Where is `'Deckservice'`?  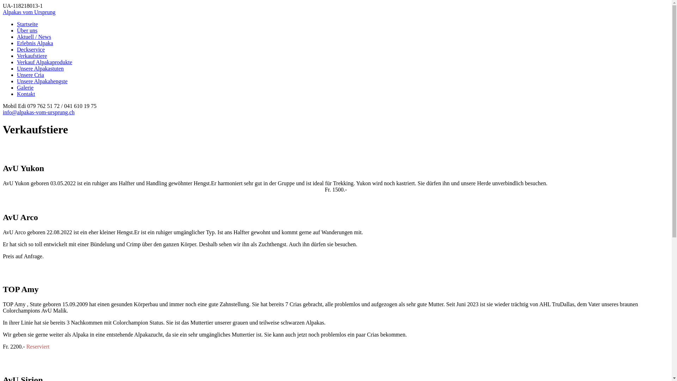 'Deckservice' is located at coordinates (30, 49).